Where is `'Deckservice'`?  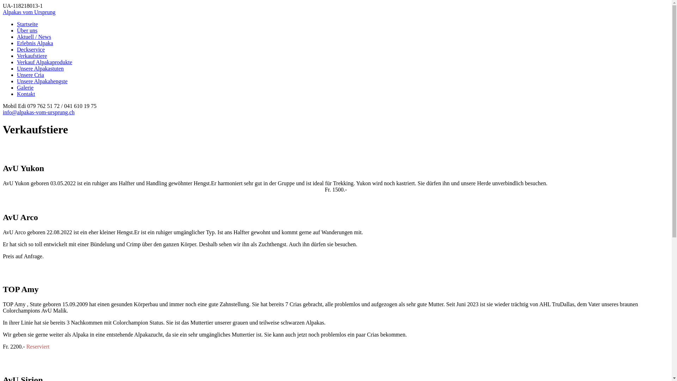 'Deckservice' is located at coordinates (30, 49).